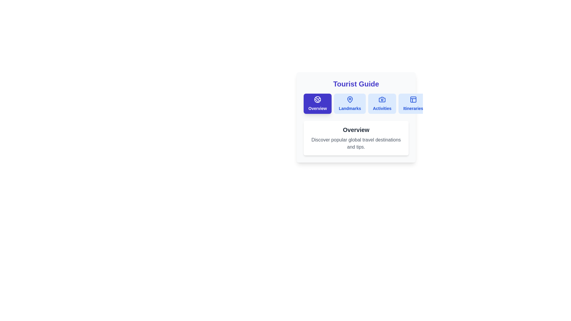  What do you see at coordinates (382, 103) in the screenshot?
I see `the Activities tab` at bounding box center [382, 103].